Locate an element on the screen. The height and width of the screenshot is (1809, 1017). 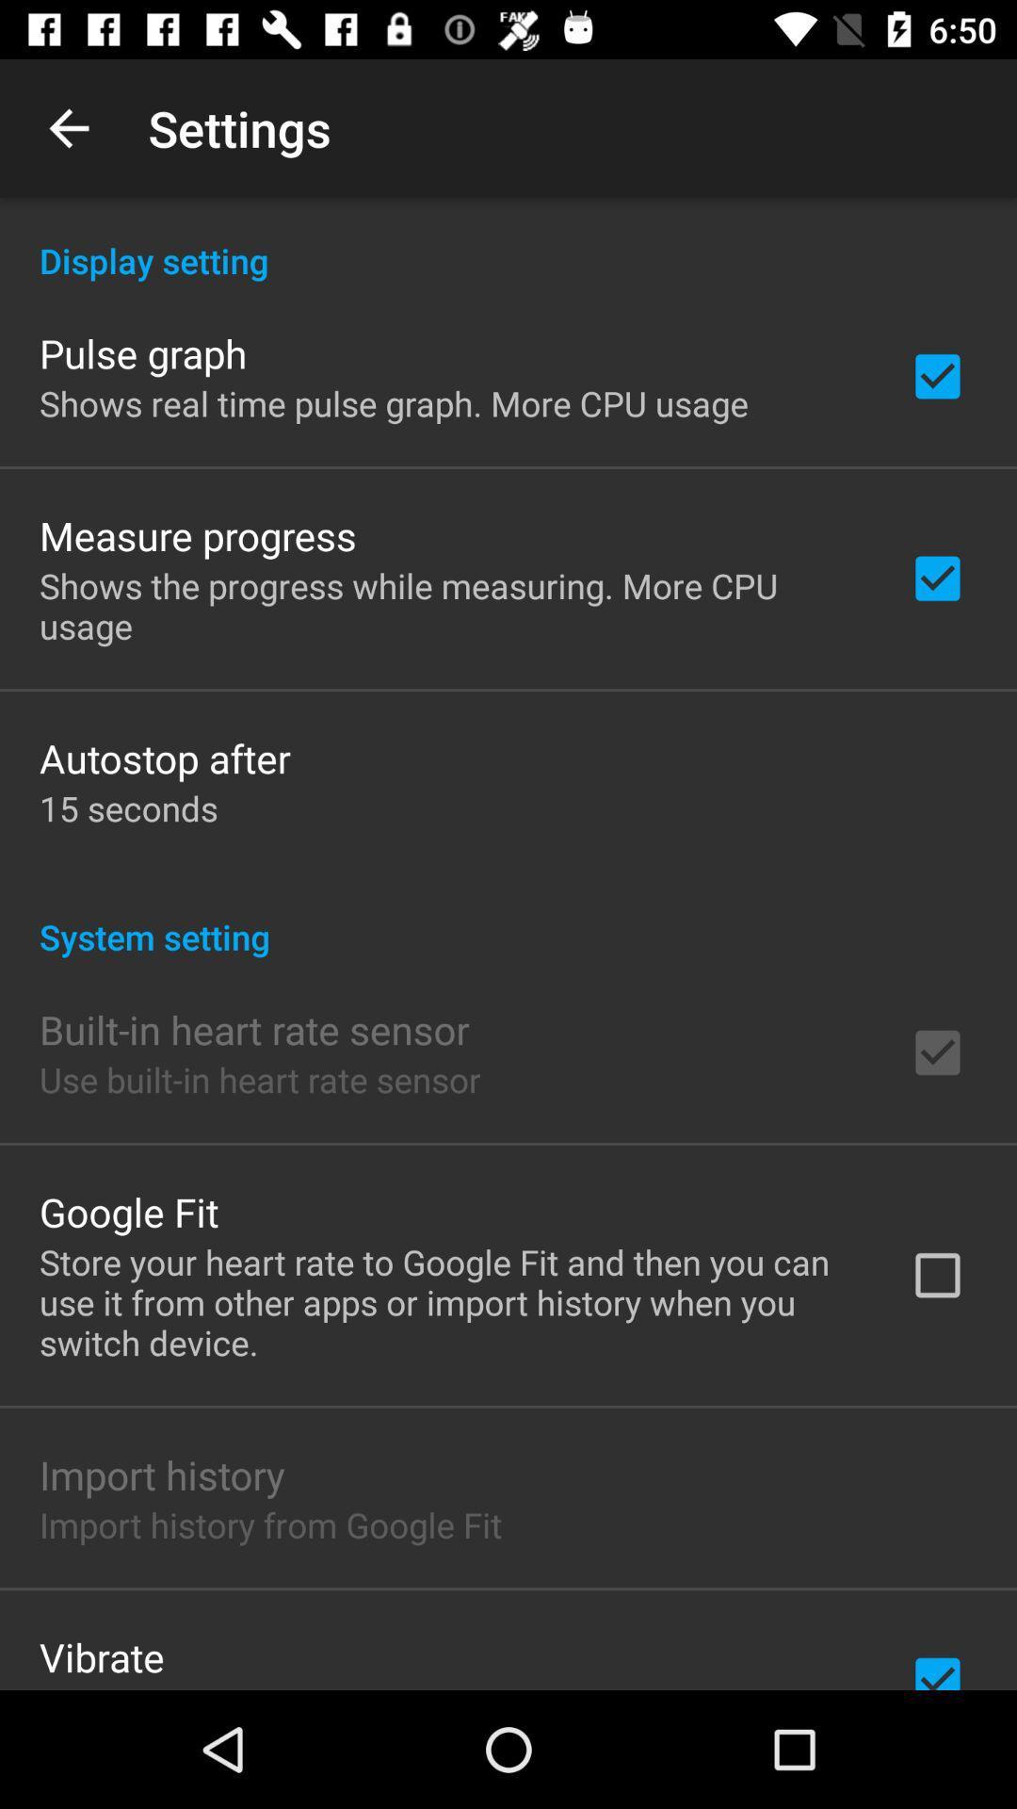
the icon below measure progress icon is located at coordinates (449, 606).